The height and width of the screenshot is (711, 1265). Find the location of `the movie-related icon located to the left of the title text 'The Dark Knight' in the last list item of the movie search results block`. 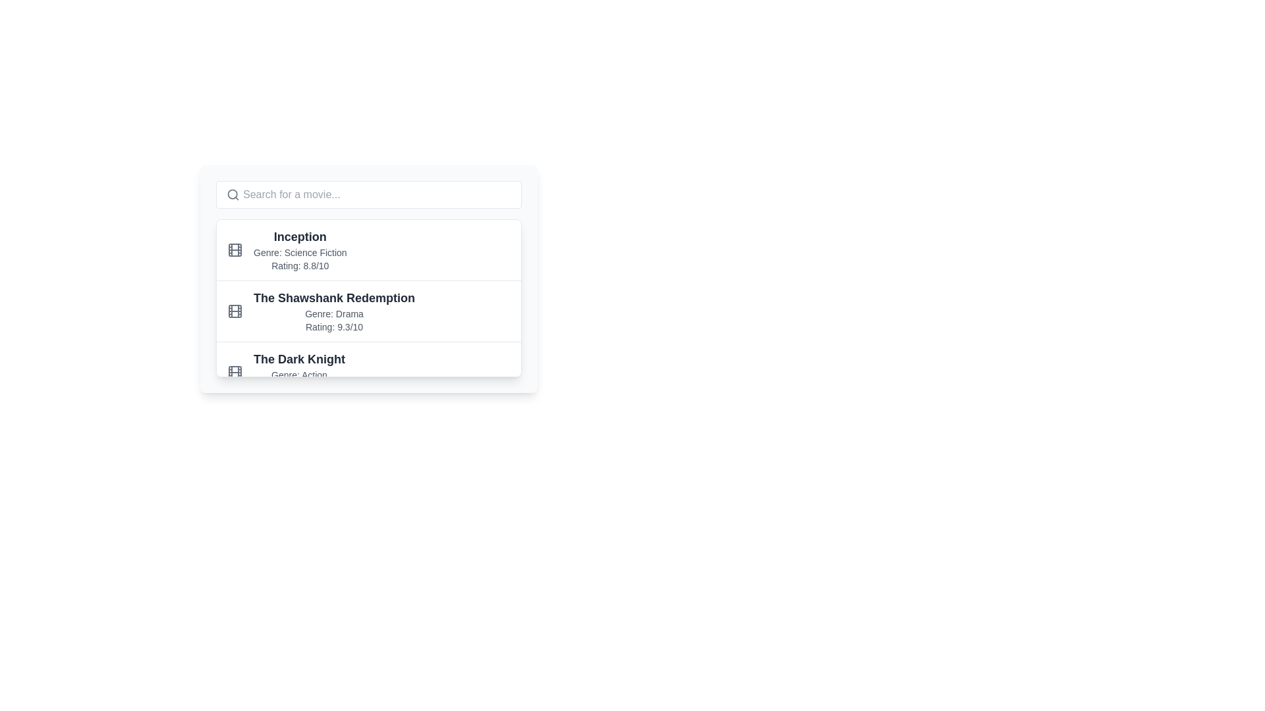

the movie-related icon located to the left of the title text 'The Dark Knight' in the last list item of the movie search results block is located at coordinates (235, 373).